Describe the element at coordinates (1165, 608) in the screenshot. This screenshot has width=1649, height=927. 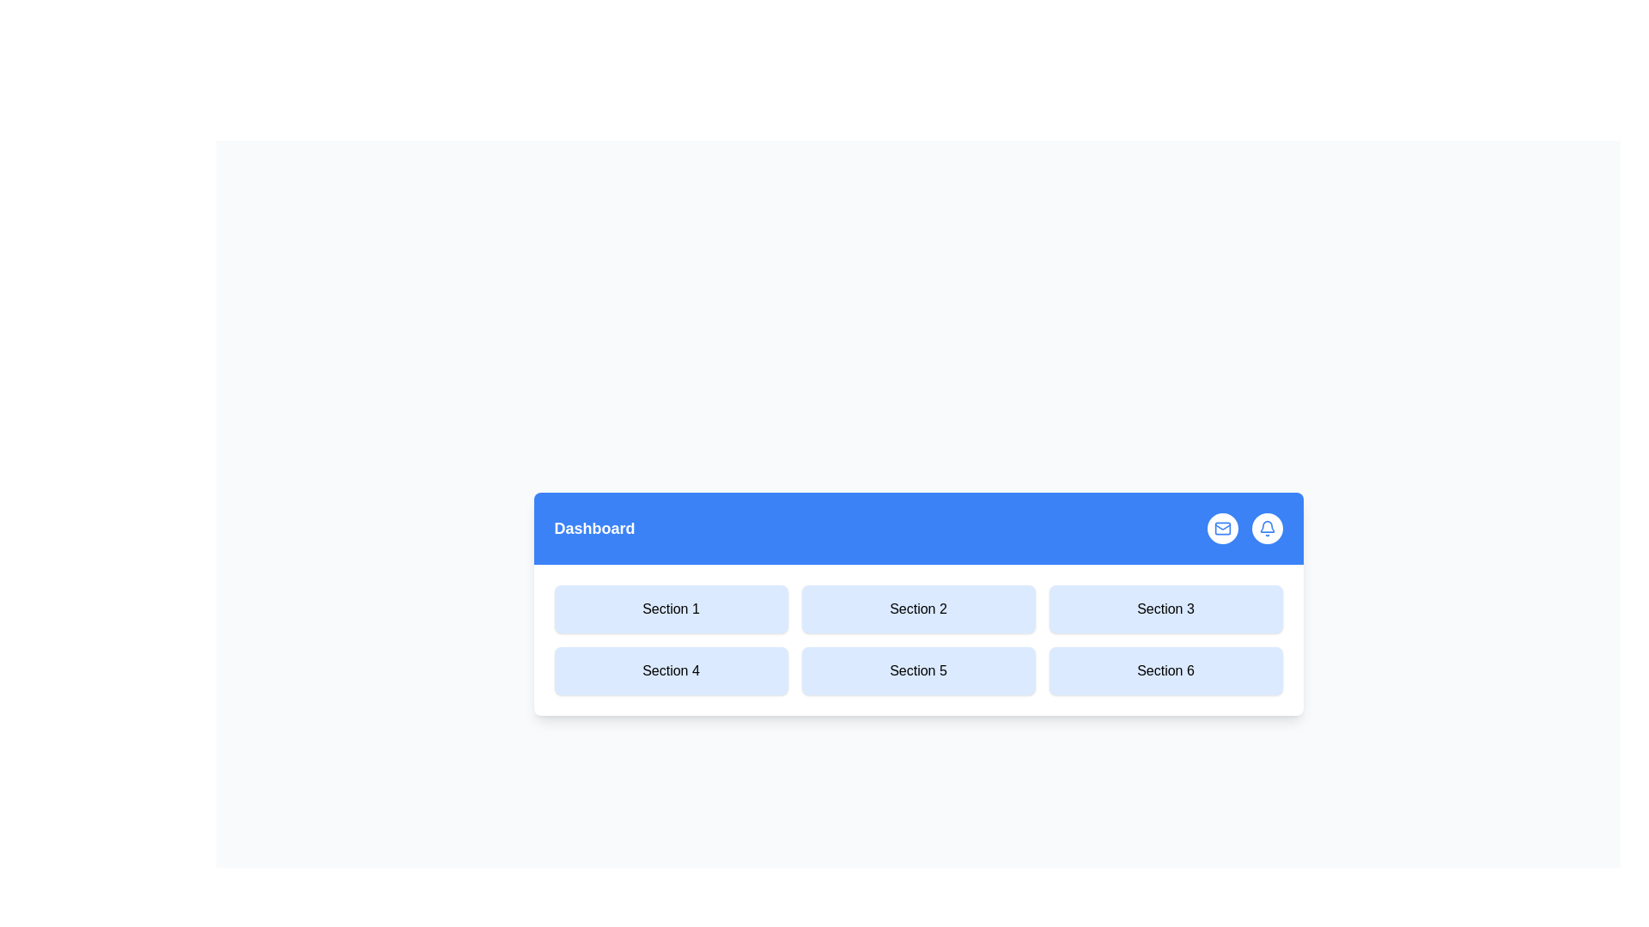
I see `the navigation button located in the top-right corner of the grid` at that location.